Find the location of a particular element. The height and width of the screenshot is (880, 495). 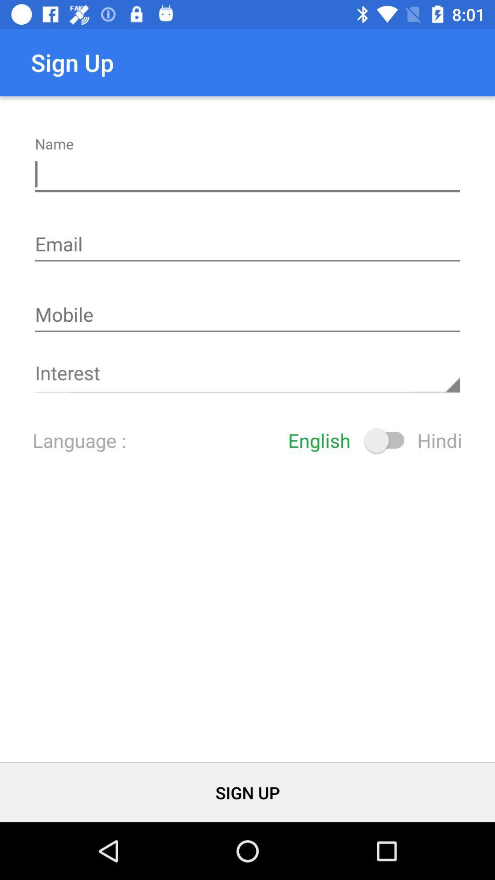

phone number is located at coordinates (247, 315).